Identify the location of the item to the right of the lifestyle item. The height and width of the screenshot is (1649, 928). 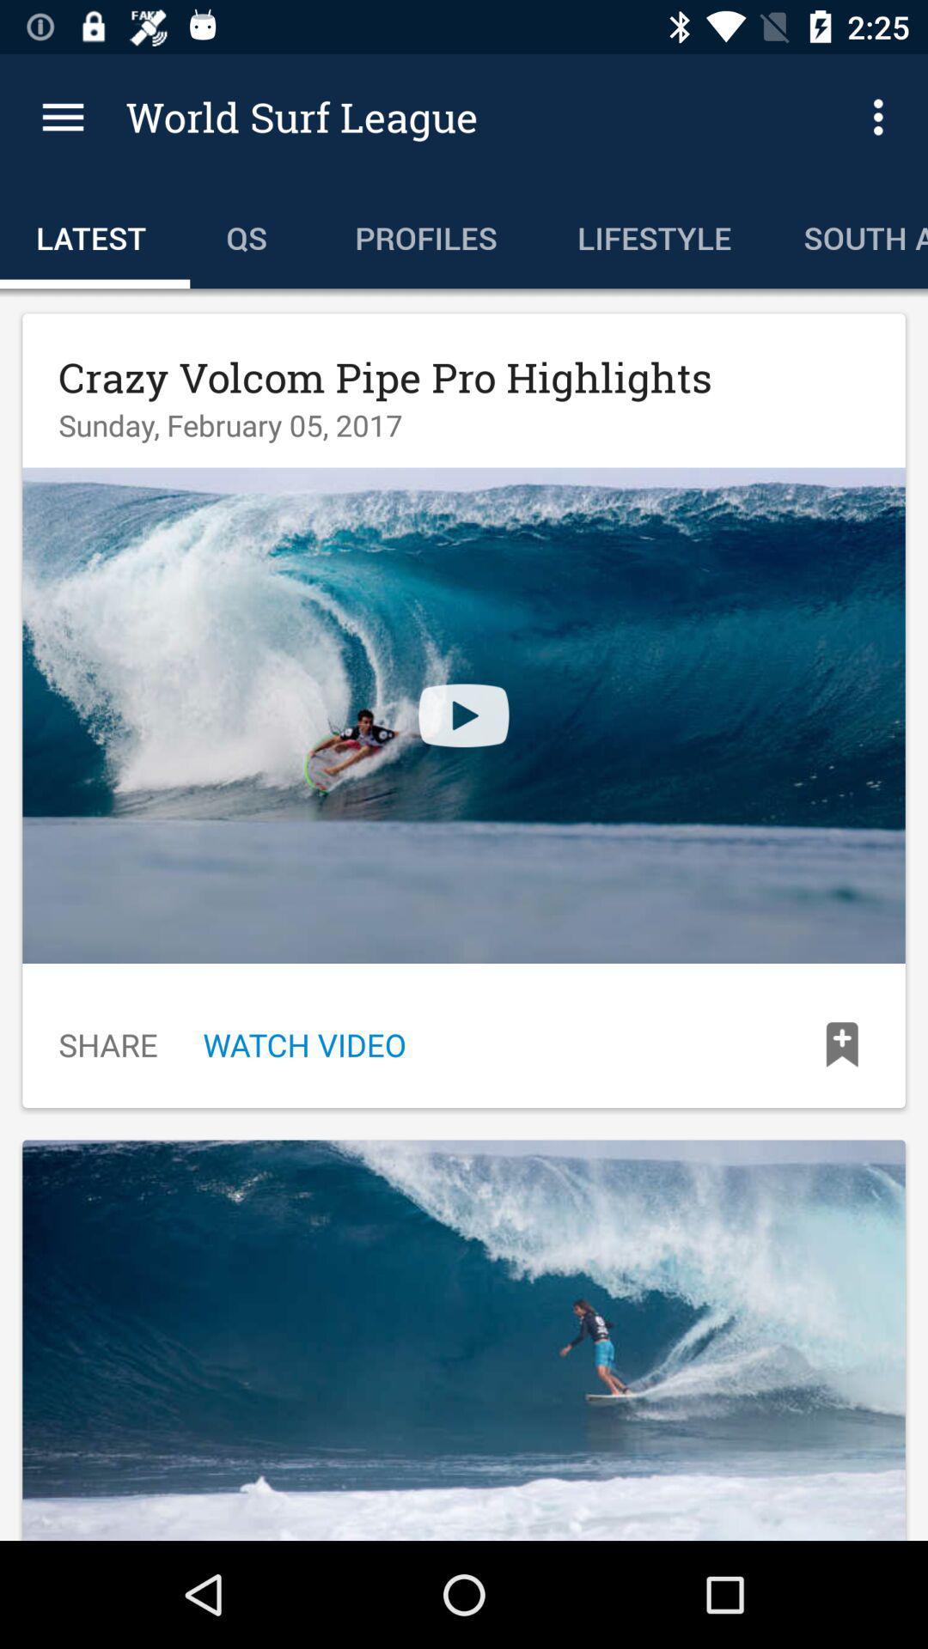
(846, 234).